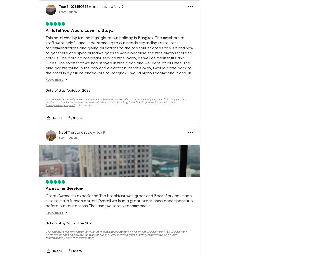  Describe the element at coordinates (87, 146) in the screenshot. I see `'wrote a review Nov 8'` at that location.